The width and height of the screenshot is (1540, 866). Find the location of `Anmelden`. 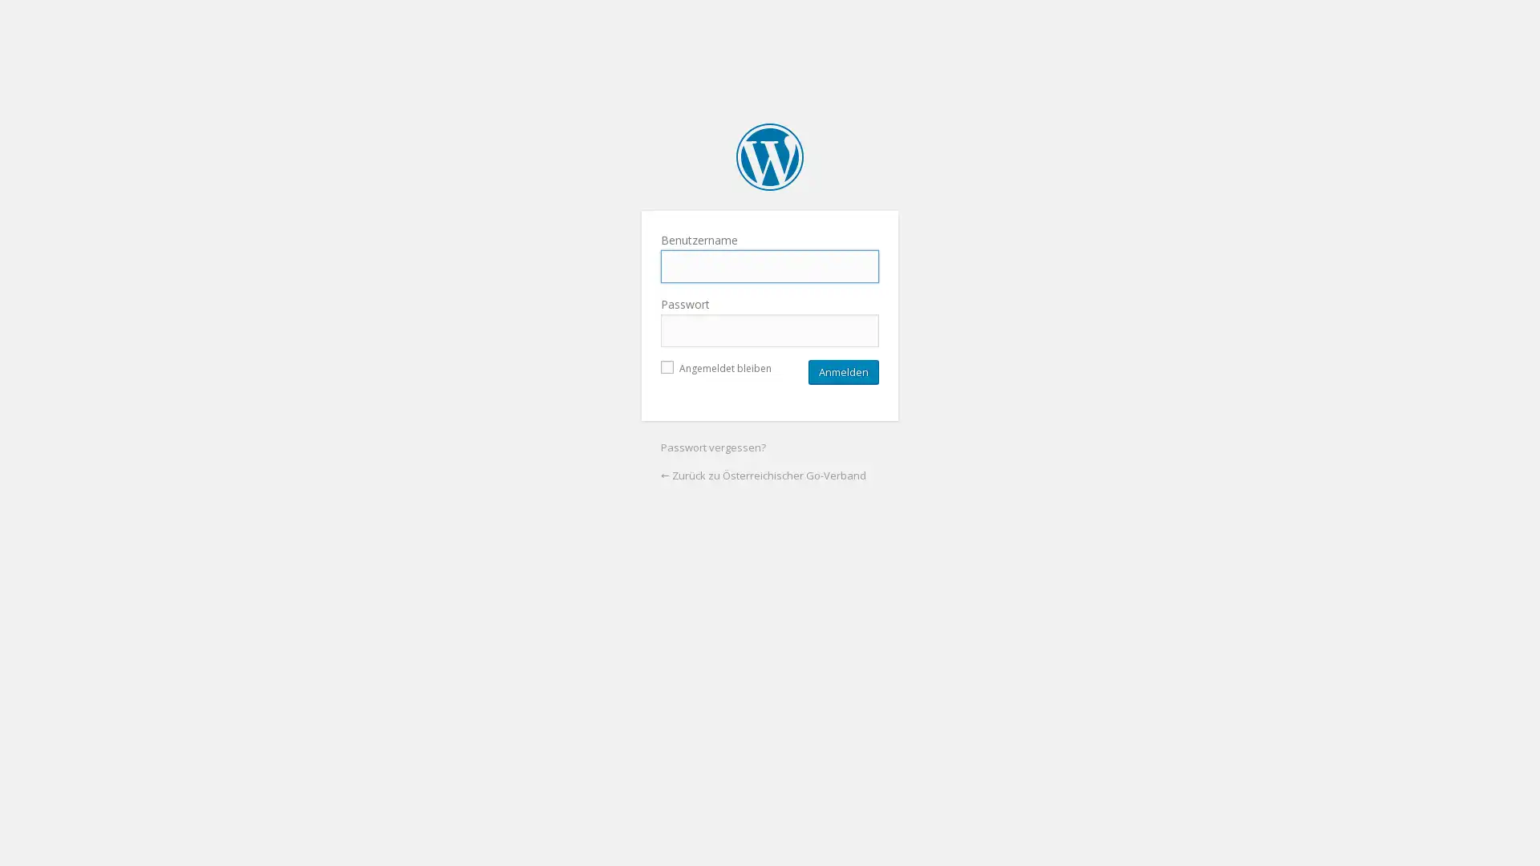

Anmelden is located at coordinates (842, 370).